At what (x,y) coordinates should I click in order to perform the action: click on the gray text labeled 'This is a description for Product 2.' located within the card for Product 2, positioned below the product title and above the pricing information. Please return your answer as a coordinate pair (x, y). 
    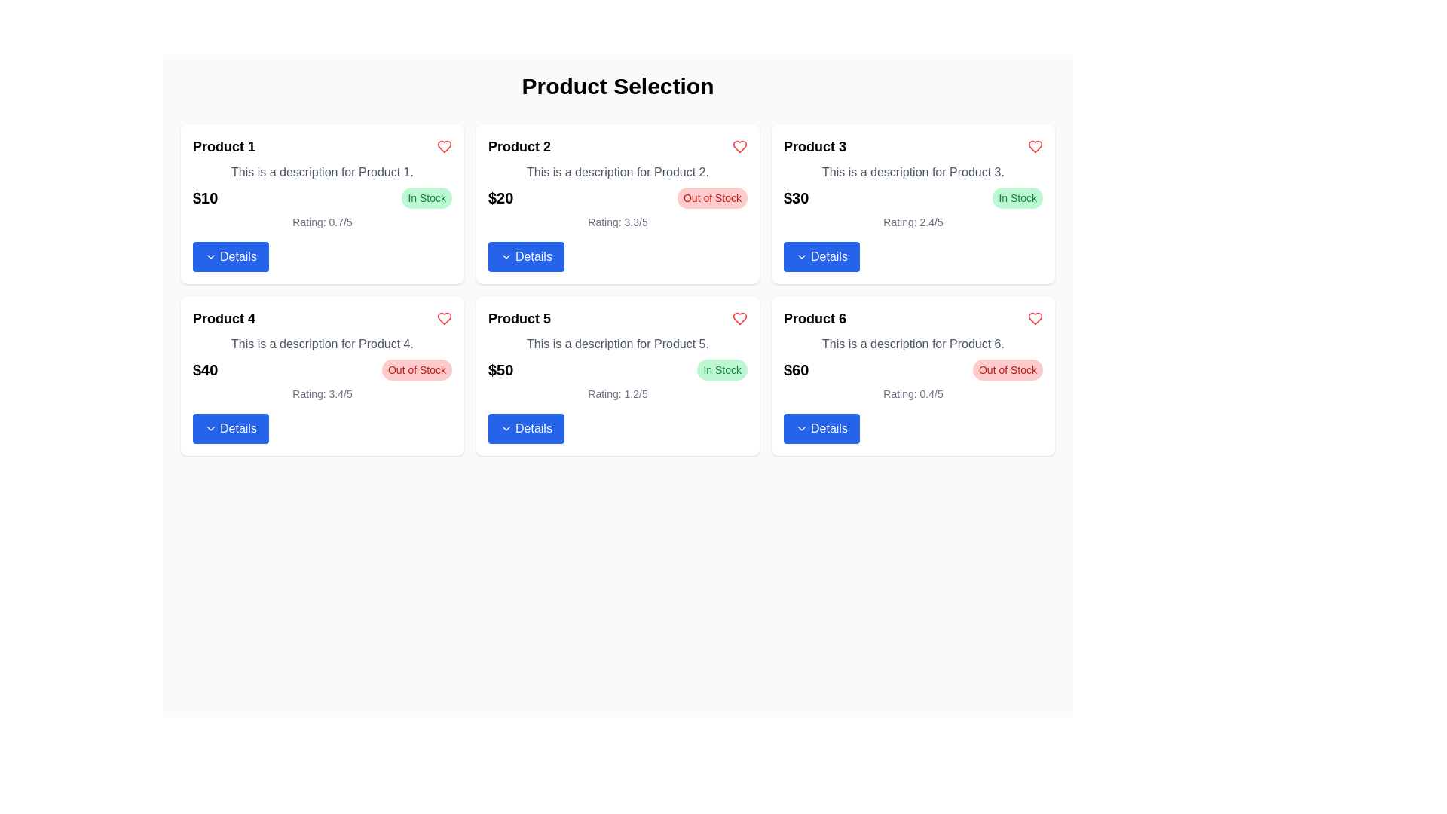
    Looking at the image, I should click on (618, 171).